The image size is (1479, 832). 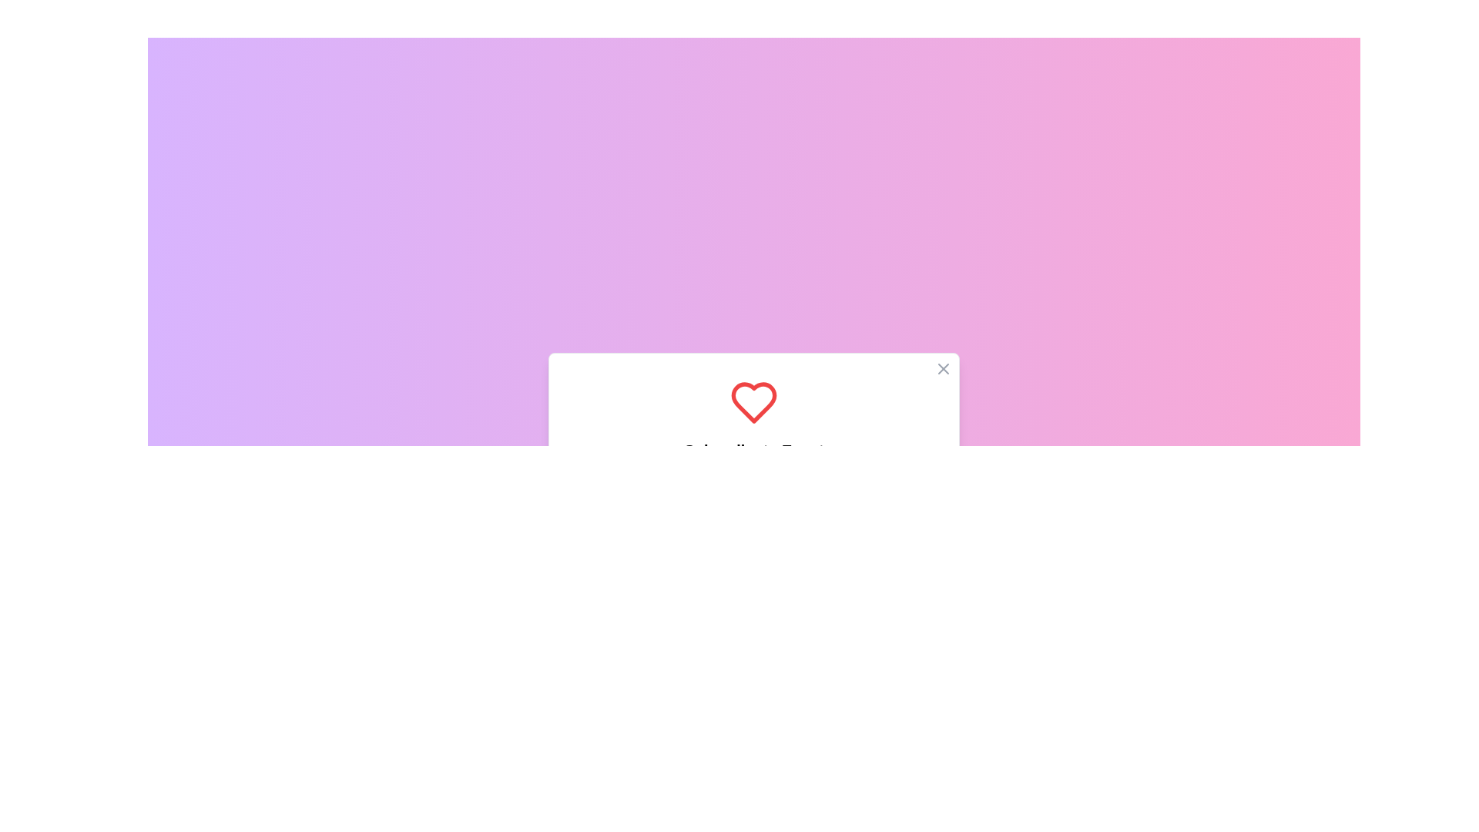 I want to click on the close button icon located at the top-right corner of the modal dialog to change its color, so click(x=943, y=368).